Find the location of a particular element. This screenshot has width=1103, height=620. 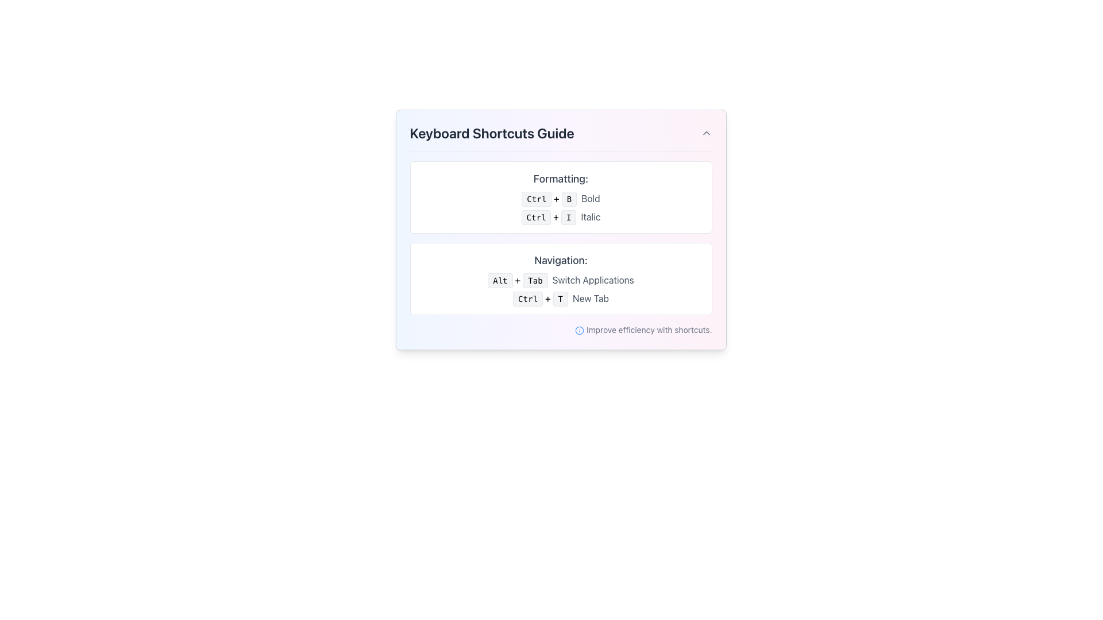

the Icon Button located to the right of the 'Keyboard Shortcuts Guide' text is located at coordinates (705, 132).